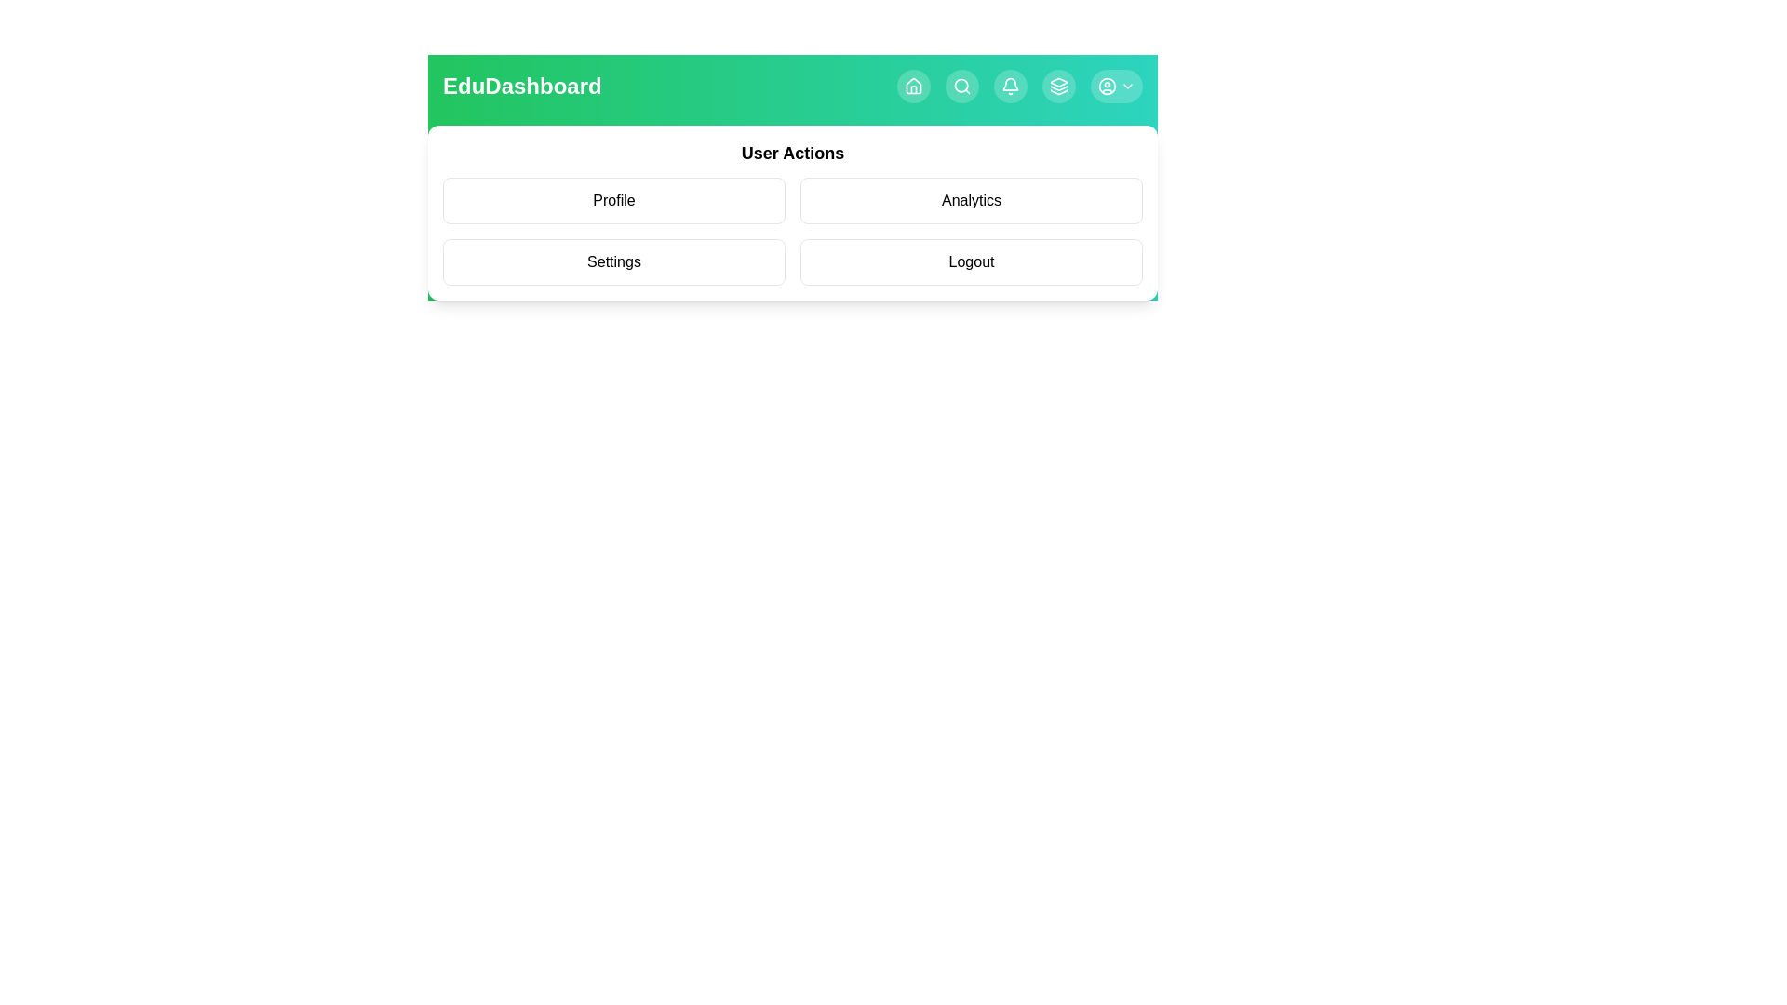 The image size is (1787, 1005). Describe the element at coordinates (1009, 86) in the screenshot. I see `the navigation button Bell` at that location.